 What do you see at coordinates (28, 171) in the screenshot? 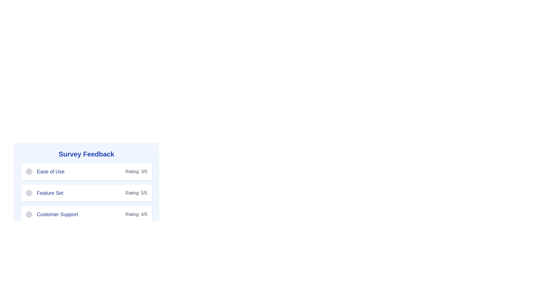
I see `the circular selection marker or button located at the leftmost side of the layout, adjacent to the label 'Ease of Use'` at bounding box center [28, 171].